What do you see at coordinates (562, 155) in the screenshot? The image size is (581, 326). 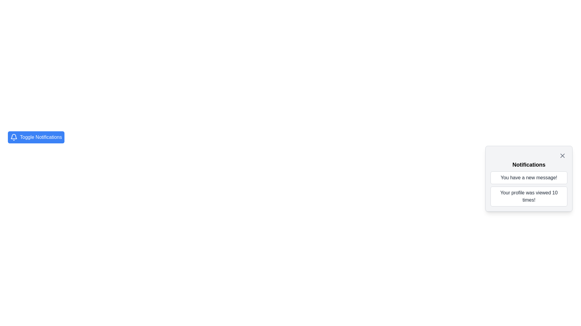 I see `the close button located at the top-right corner of the notification dialog` at bounding box center [562, 155].